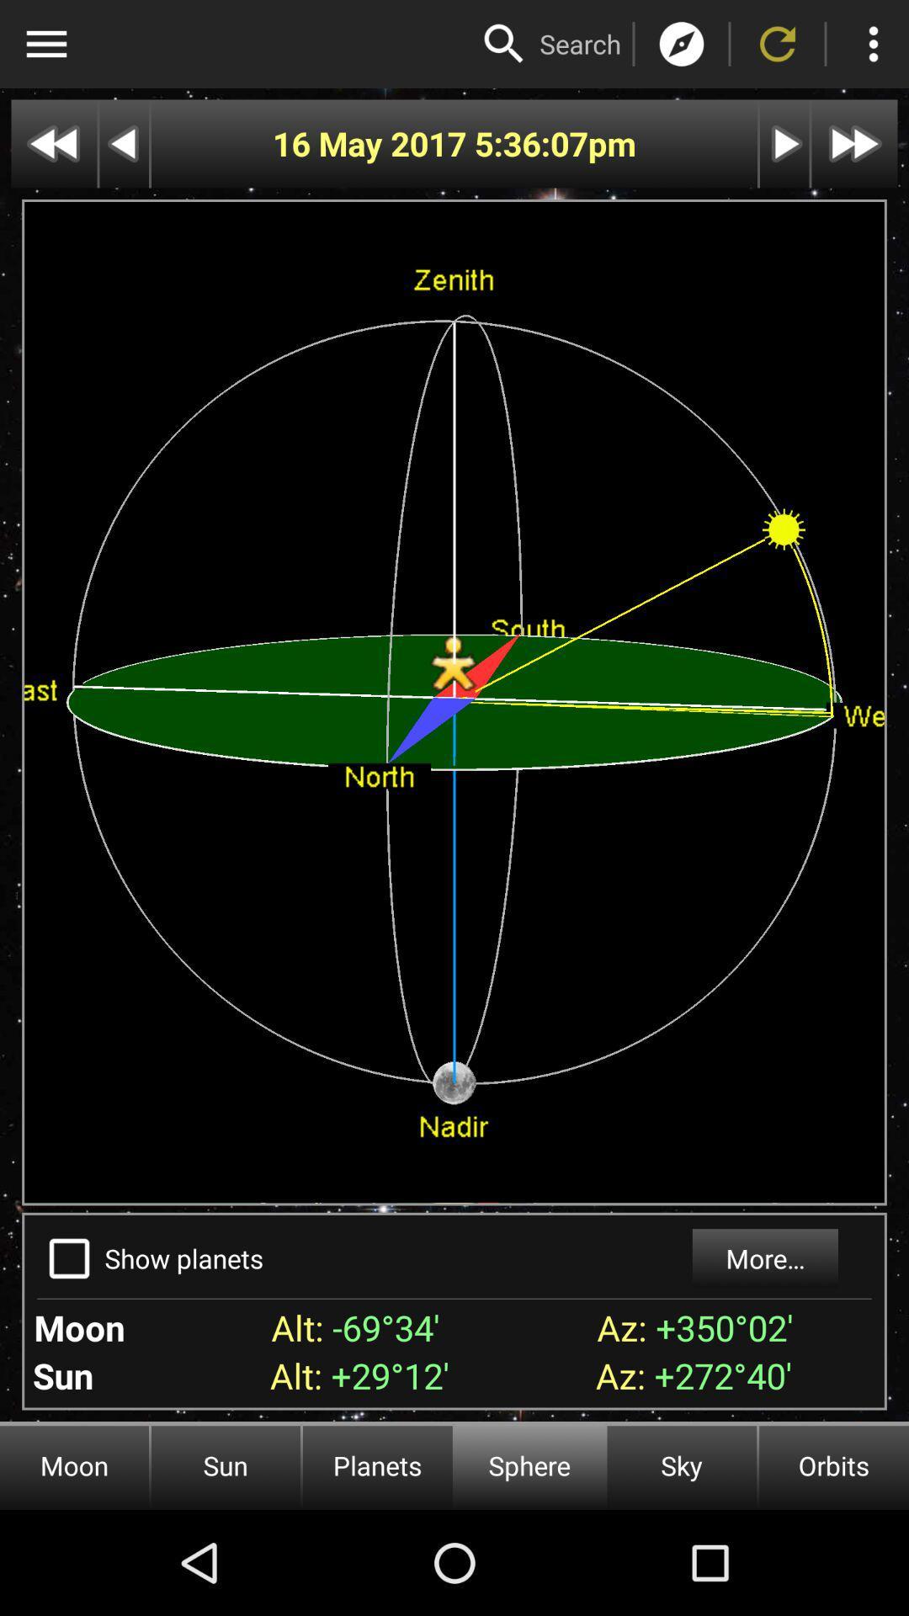 This screenshot has height=1616, width=909. What do you see at coordinates (53, 144) in the screenshot?
I see `go back` at bounding box center [53, 144].